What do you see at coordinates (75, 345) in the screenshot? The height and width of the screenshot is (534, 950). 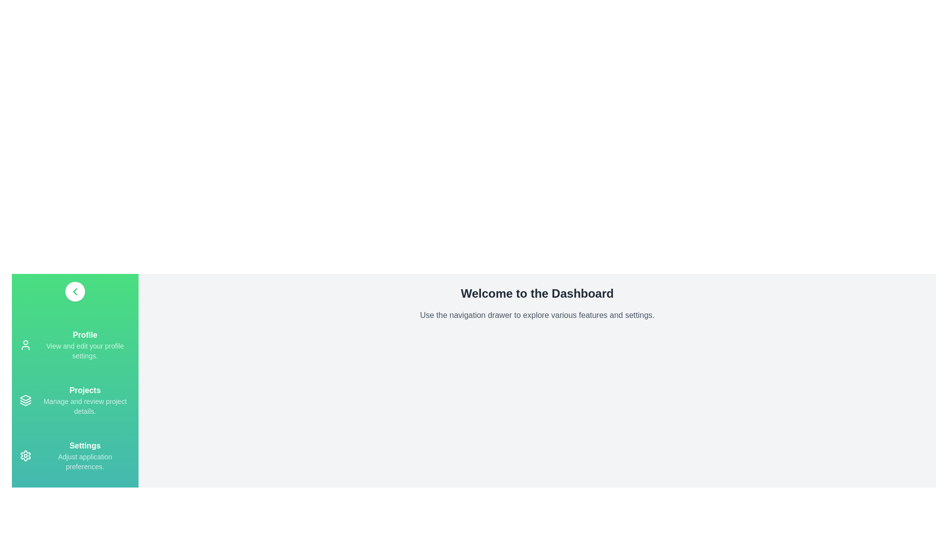 I see `the menu item labeled Profile to view its hover effect` at bounding box center [75, 345].